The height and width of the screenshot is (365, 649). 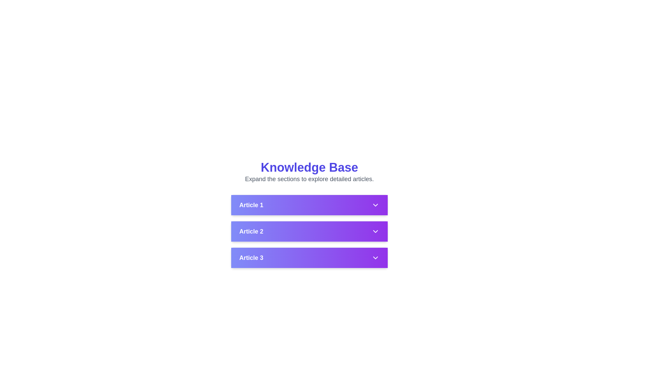 I want to click on the SVG icon representing a down arrow for 'Article 3' to trigger potential hover effects, so click(x=375, y=258).